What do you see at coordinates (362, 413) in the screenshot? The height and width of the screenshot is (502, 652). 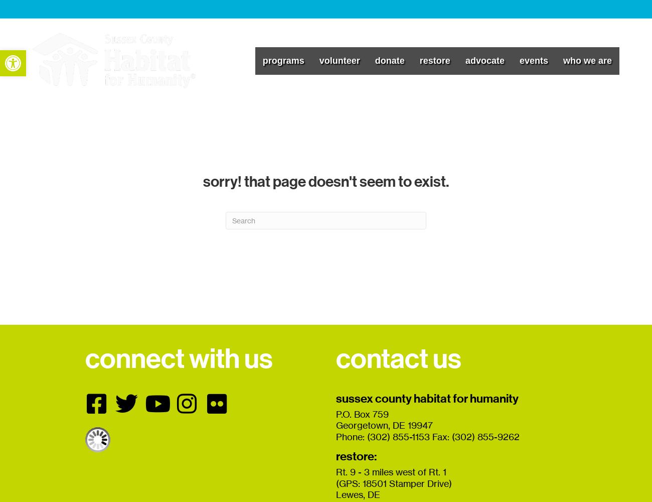 I see `'P.O. Box 759'` at bounding box center [362, 413].